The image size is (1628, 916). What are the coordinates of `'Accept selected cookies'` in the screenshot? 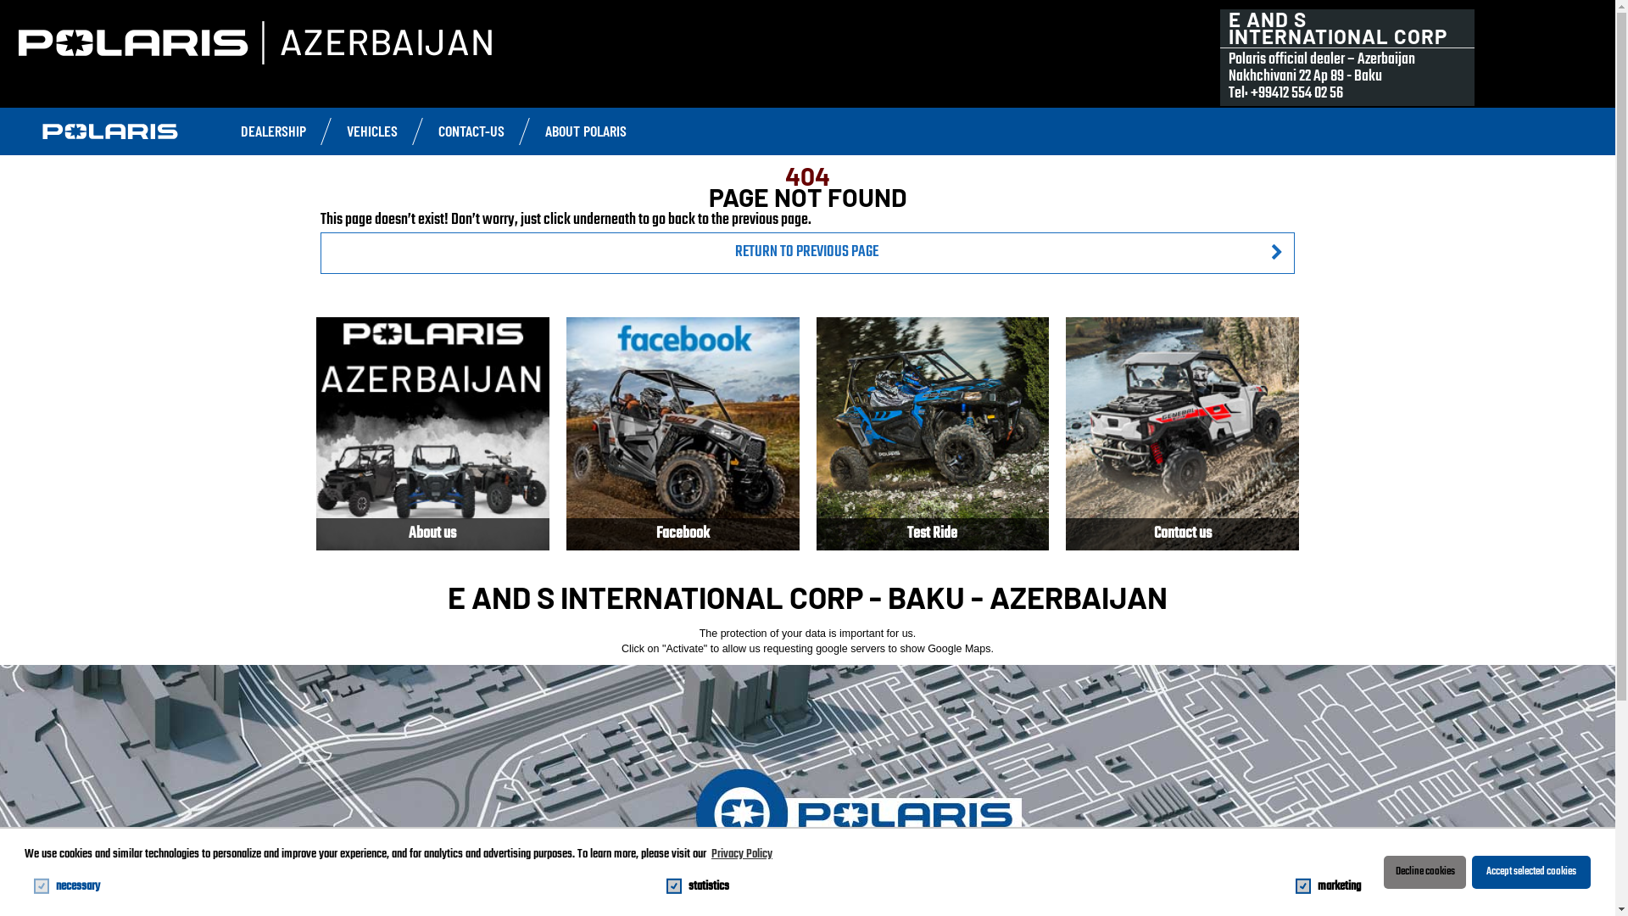 It's located at (1530, 873).